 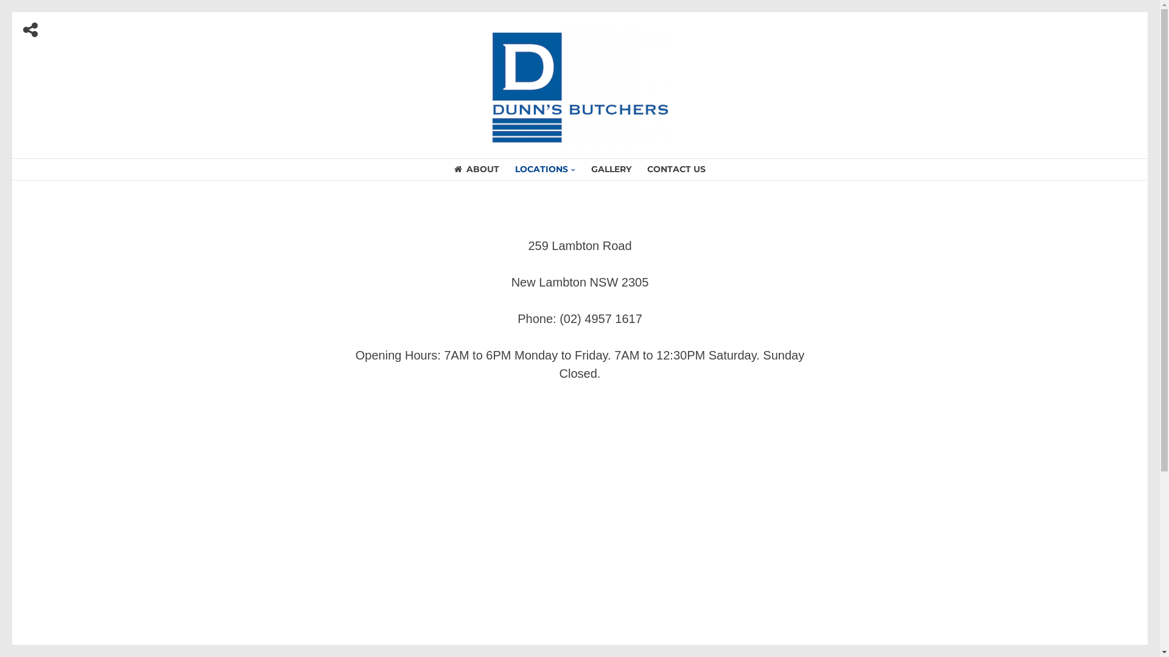 I want to click on 'Skip to content', so click(x=12, y=12).